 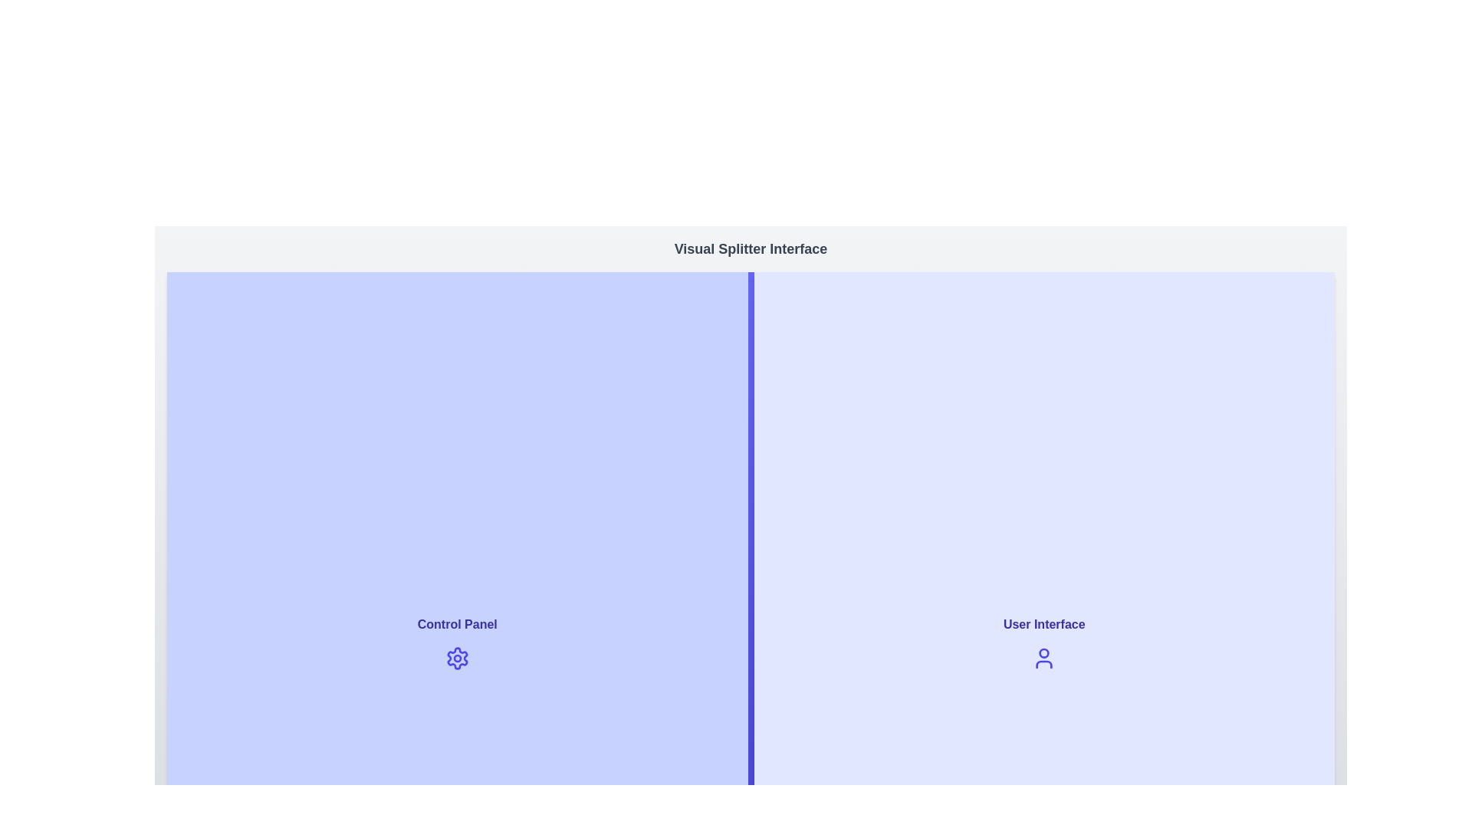 I want to click on the Circle SVG graphic that represents the head portion of the user icon, located in the User Interface section of the page, so click(x=1043, y=653).